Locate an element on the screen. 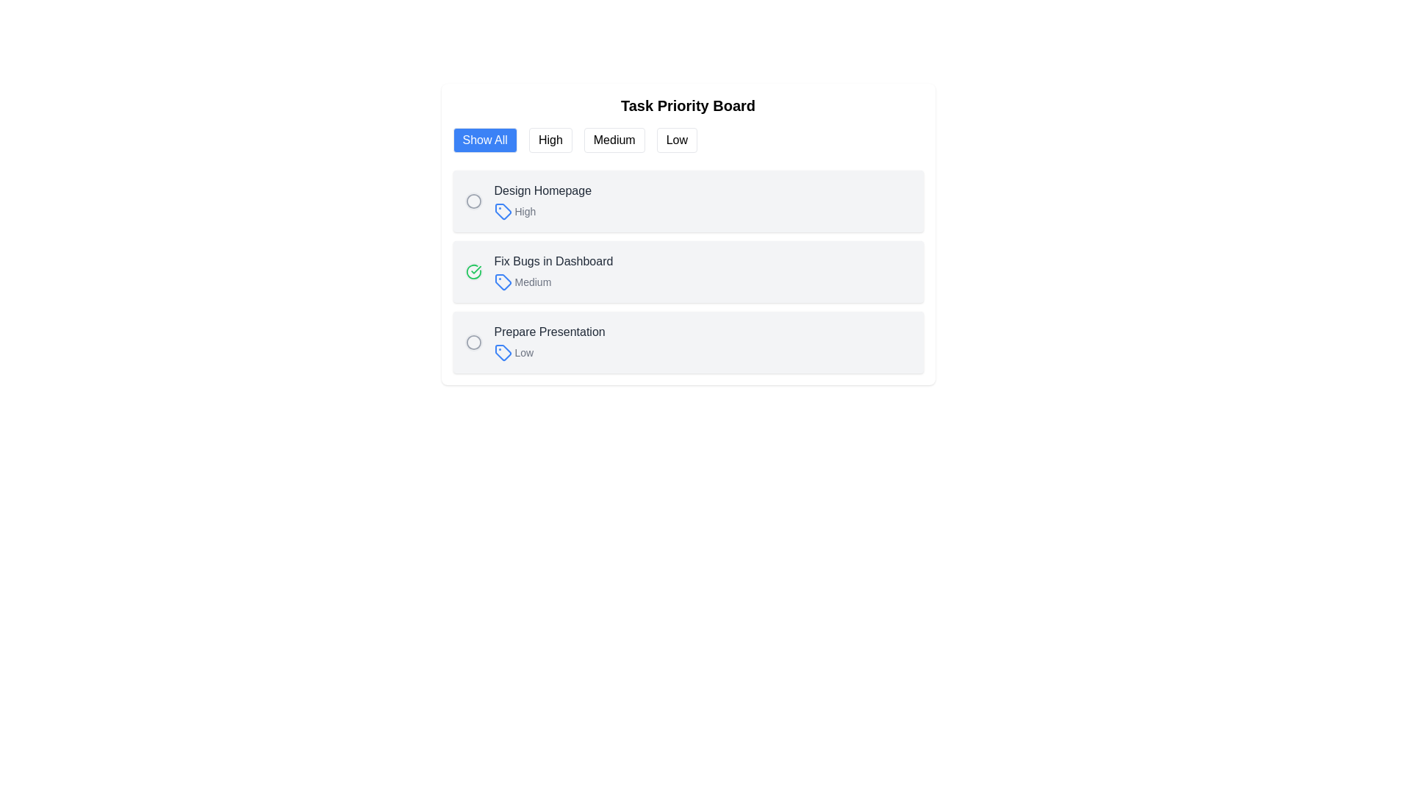  the checkbox for the task 'Prepare Presentation Low' located in the third row of the task list is located at coordinates (473, 343).